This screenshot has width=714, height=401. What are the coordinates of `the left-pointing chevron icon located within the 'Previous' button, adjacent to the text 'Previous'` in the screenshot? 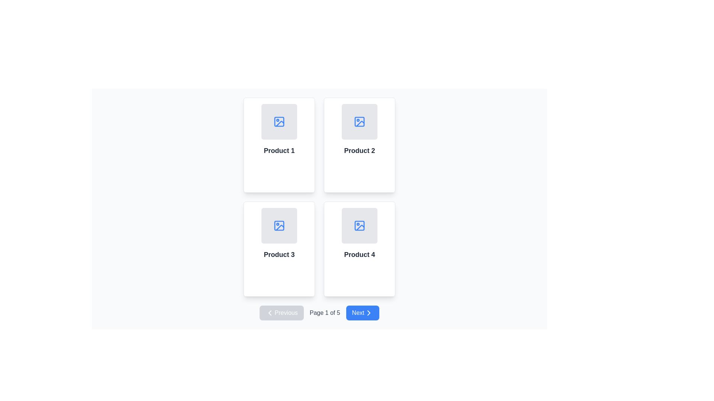 It's located at (270, 313).